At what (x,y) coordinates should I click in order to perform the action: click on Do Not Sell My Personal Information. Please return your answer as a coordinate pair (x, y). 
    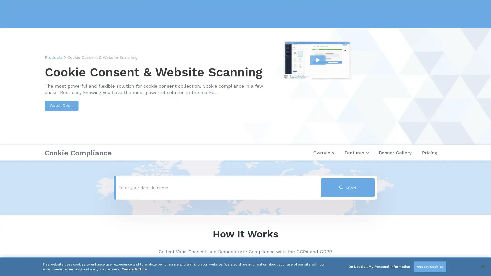
    Looking at the image, I should click on (379, 267).